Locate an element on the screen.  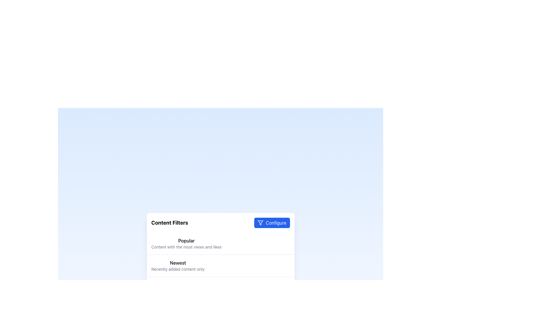
to select the 'Popular' filter option, the top entry in the 'Content Filters' list is located at coordinates (220, 243).